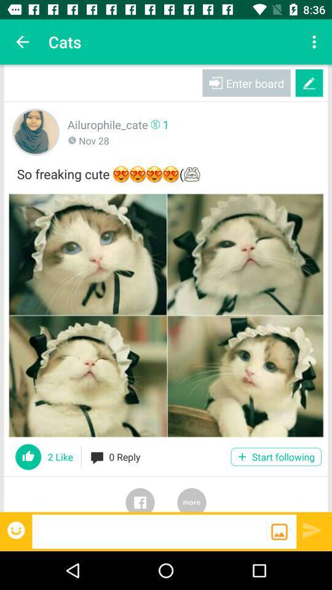 Image resolution: width=332 pixels, height=590 pixels. What do you see at coordinates (151, 530) in the screenshot?
I see `type a comment` at bounding box center [151, 530].